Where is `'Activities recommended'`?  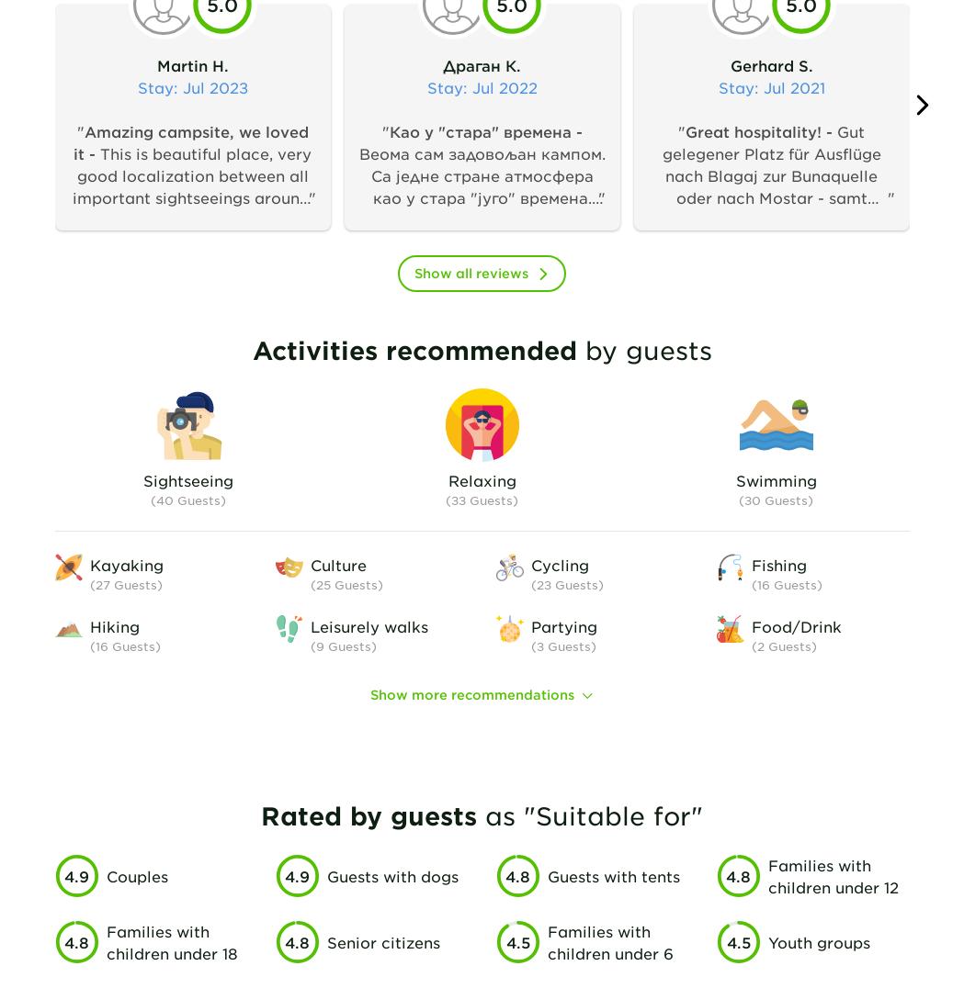
'Activities recommended' is located at coordinates (414, 349).